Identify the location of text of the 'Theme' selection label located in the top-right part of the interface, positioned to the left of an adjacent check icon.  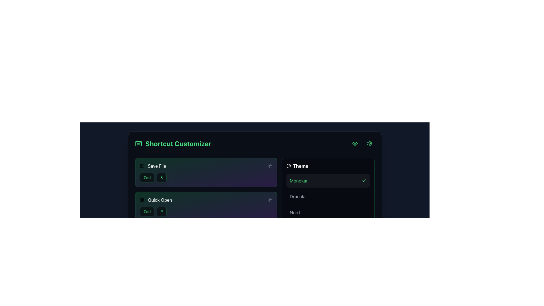
(298, 180).